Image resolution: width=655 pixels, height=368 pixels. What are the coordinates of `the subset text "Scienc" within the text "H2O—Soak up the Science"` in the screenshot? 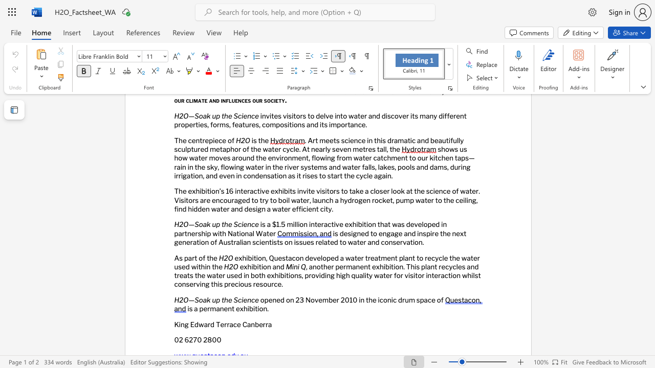 It's located at (233, 224).